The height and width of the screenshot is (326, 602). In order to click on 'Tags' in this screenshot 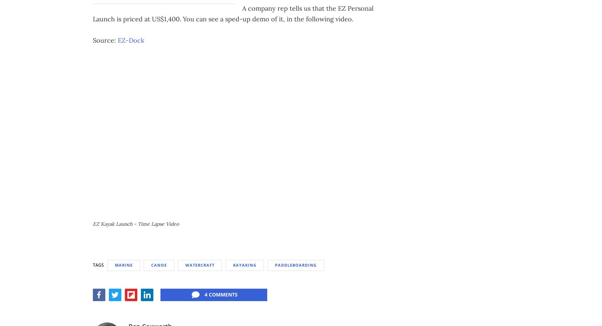, I will do `click(98, 264)`.